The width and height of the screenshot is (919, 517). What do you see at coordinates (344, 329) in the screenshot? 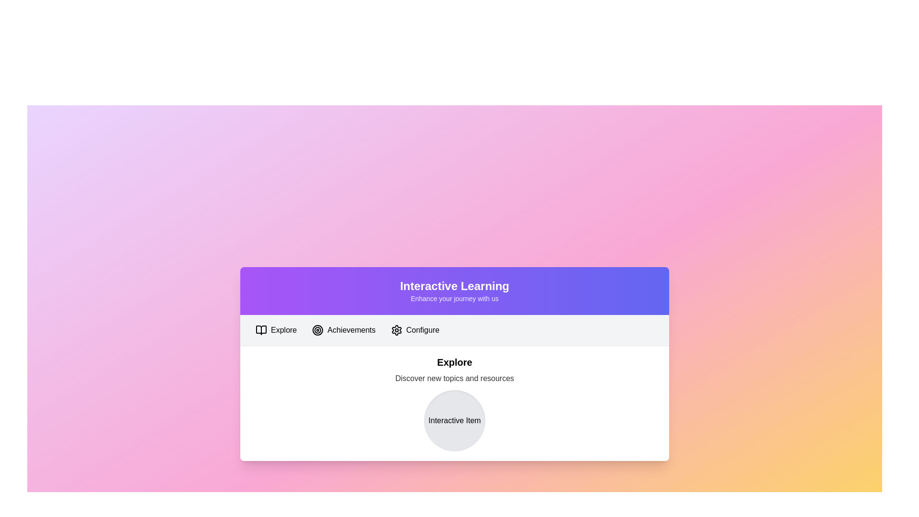
I see `the tab labeled Achievements` at bounding box center [344, 329].